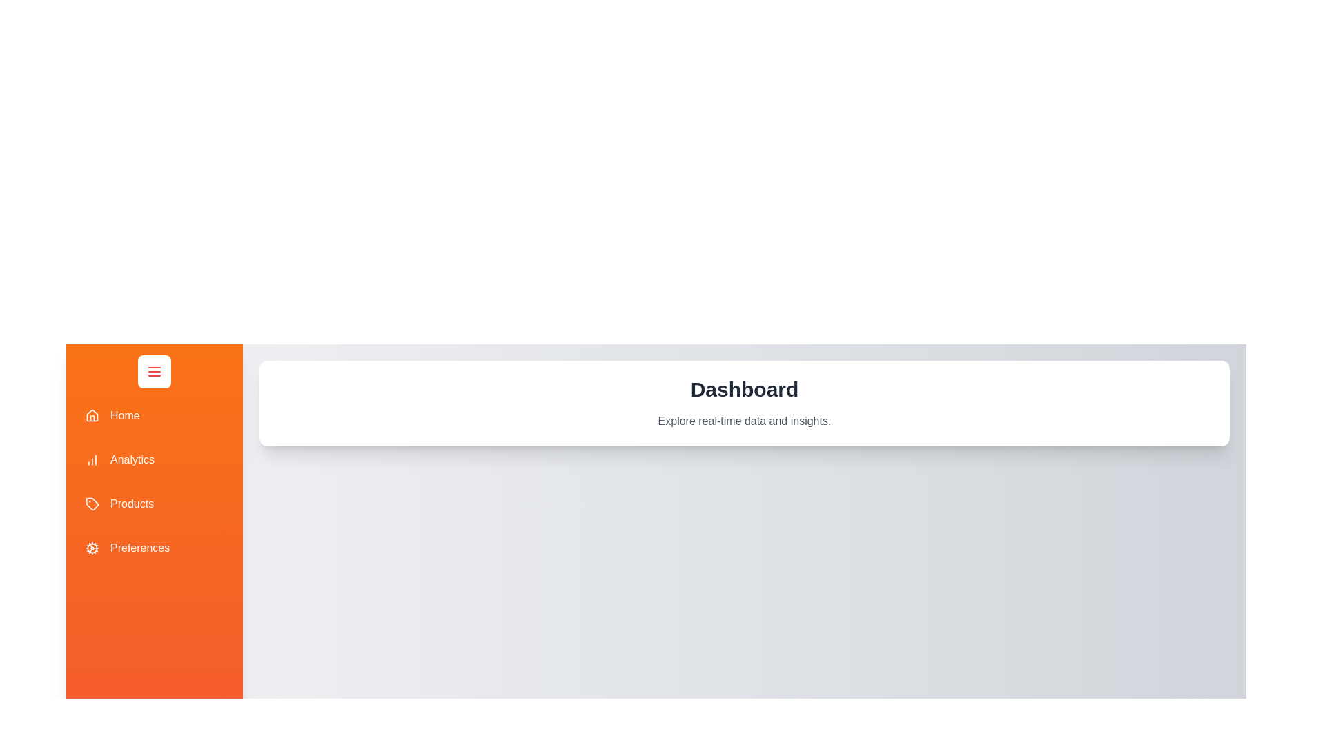 Image resolution: width=1325 pixels, height=745 pixels. Describe the element at coordinates (155, 415) in the screenshot. I see `the drawer item labeled 'Home' to observe its hover effect` at that location.